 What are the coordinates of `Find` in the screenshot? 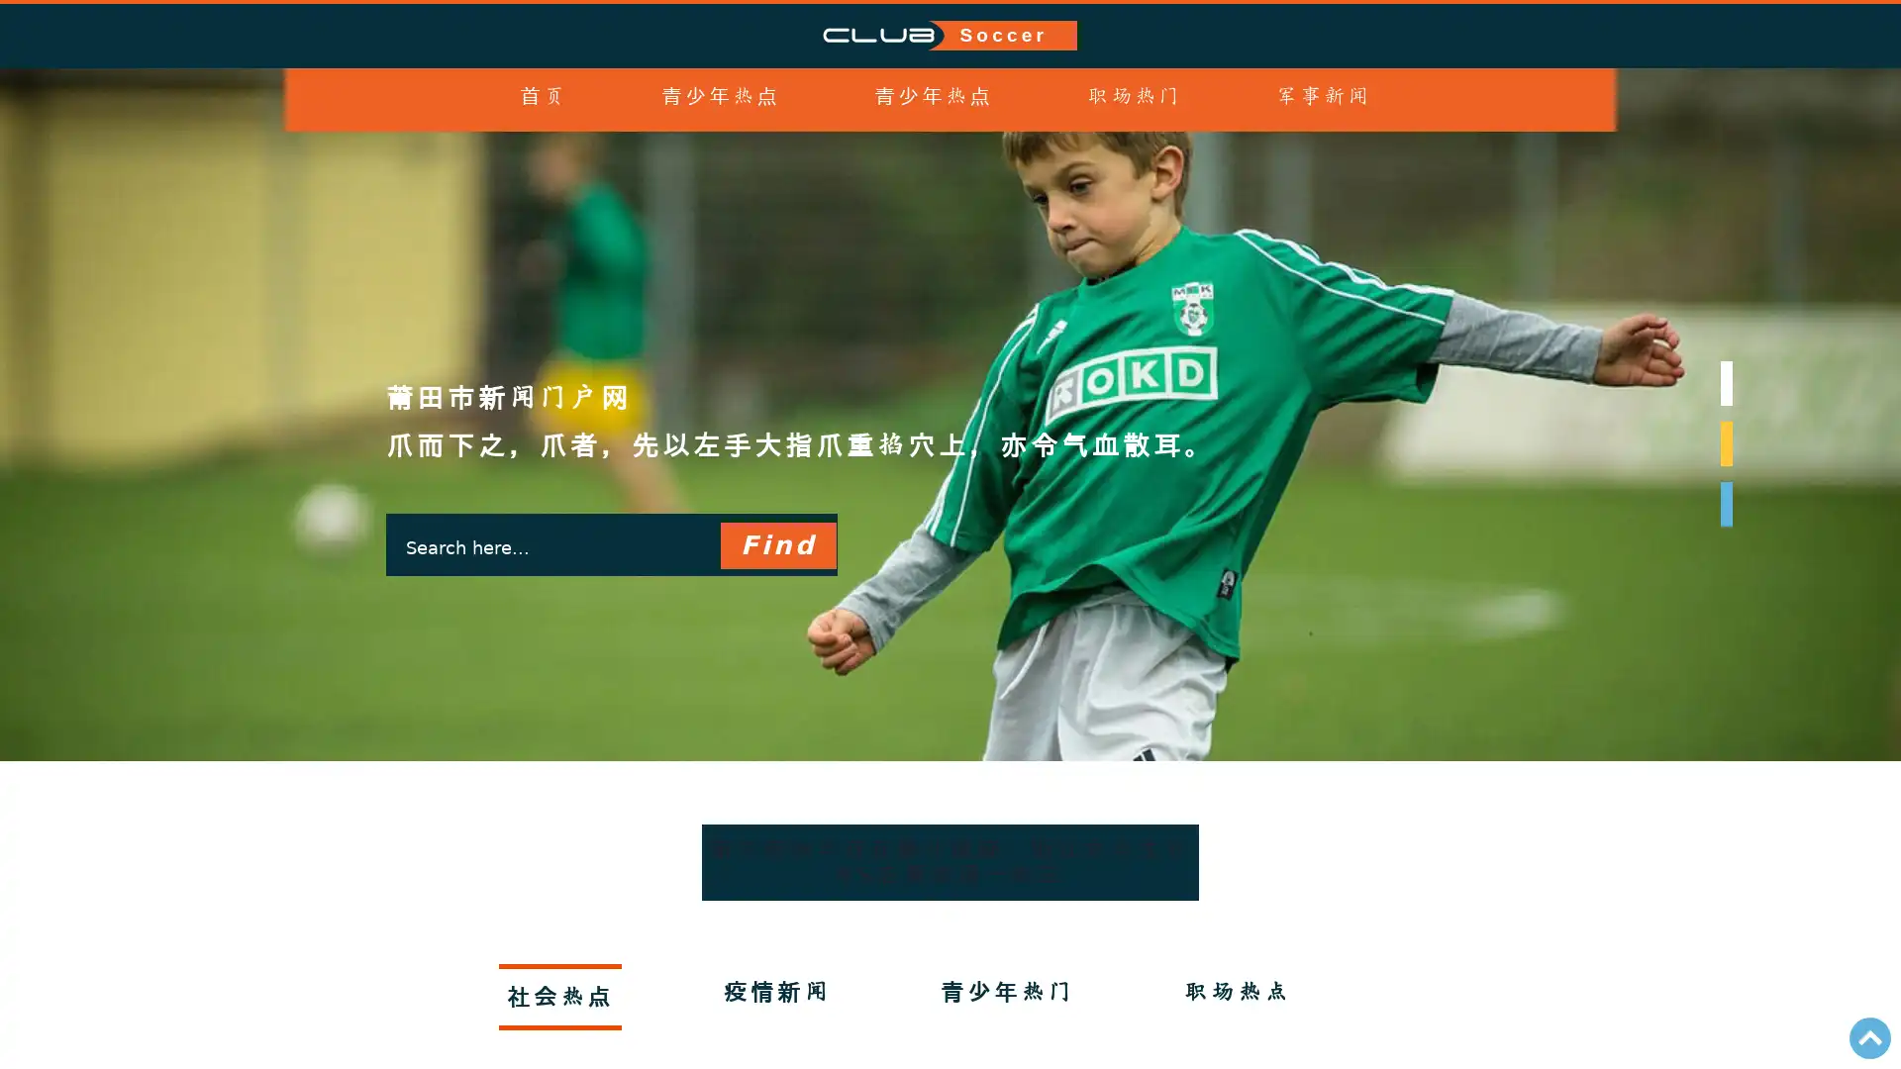 It's located at (776, 582).